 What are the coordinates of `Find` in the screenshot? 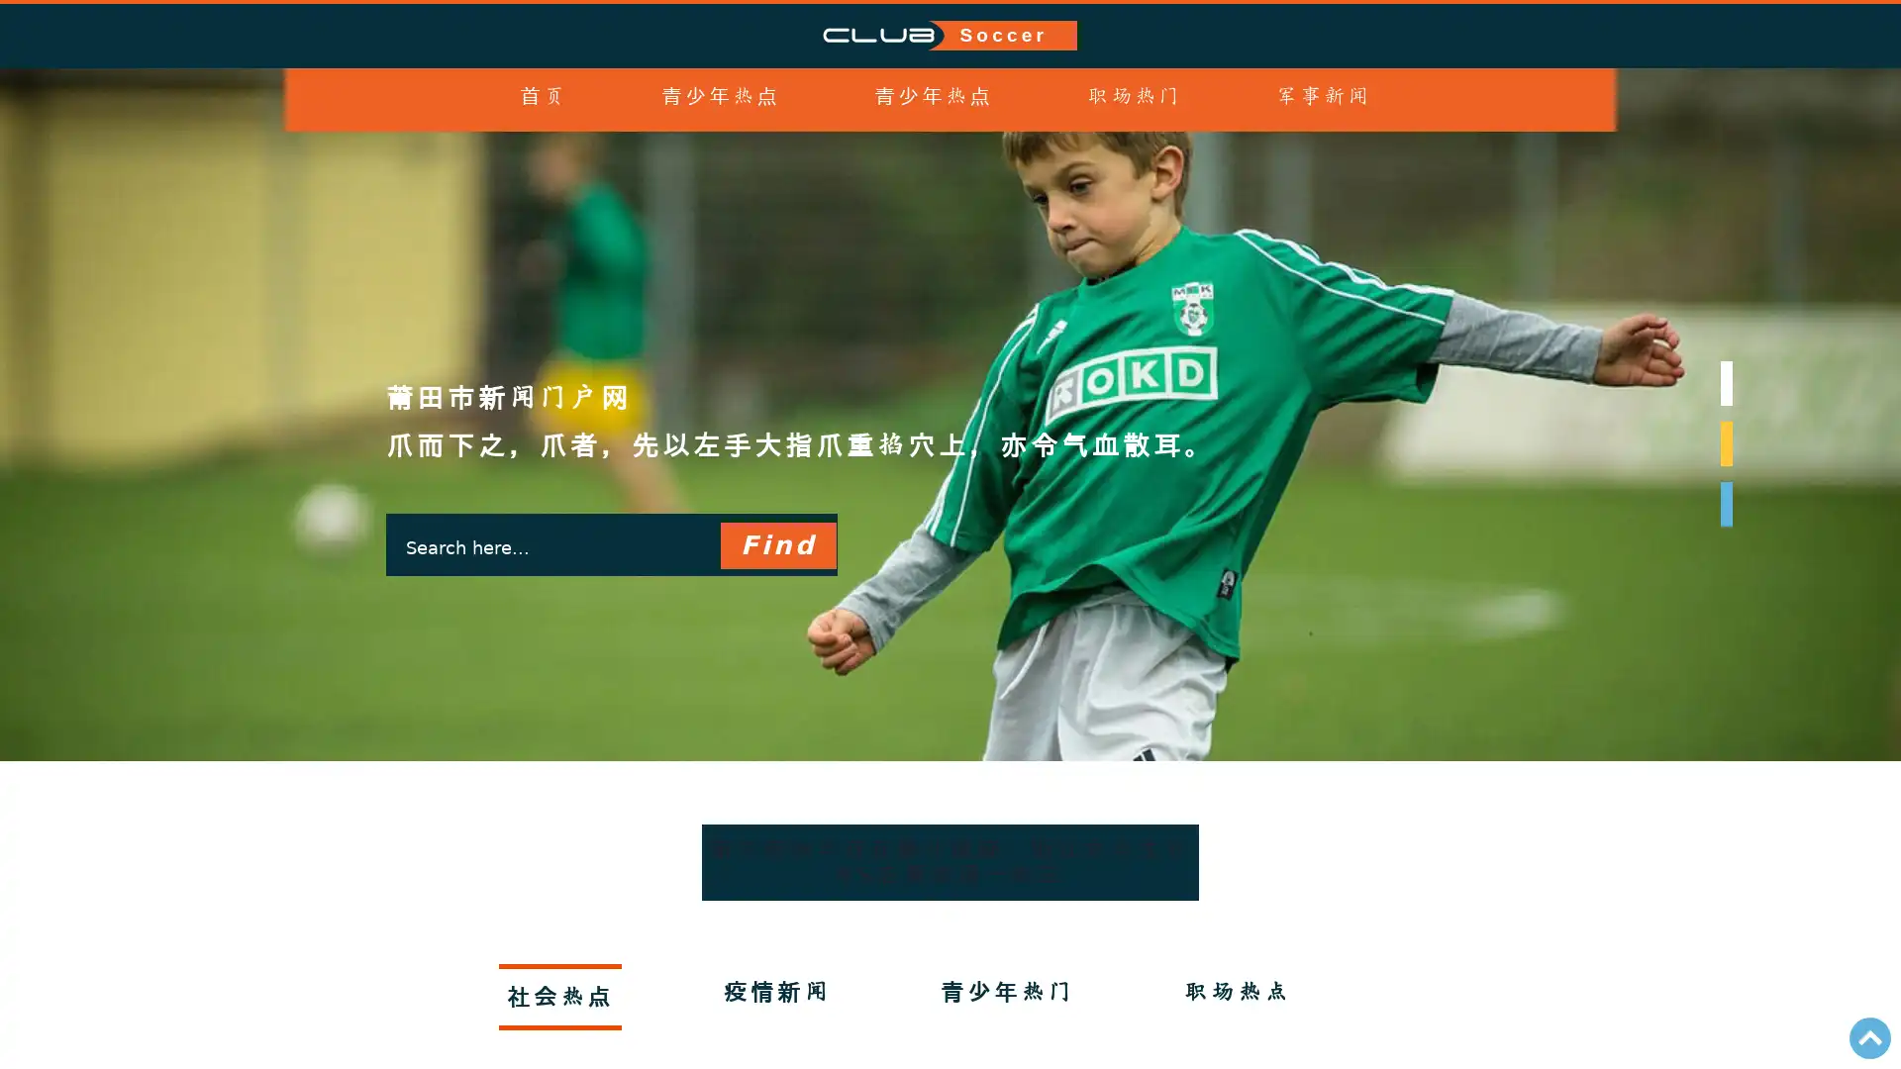 It's located at (776, 582).